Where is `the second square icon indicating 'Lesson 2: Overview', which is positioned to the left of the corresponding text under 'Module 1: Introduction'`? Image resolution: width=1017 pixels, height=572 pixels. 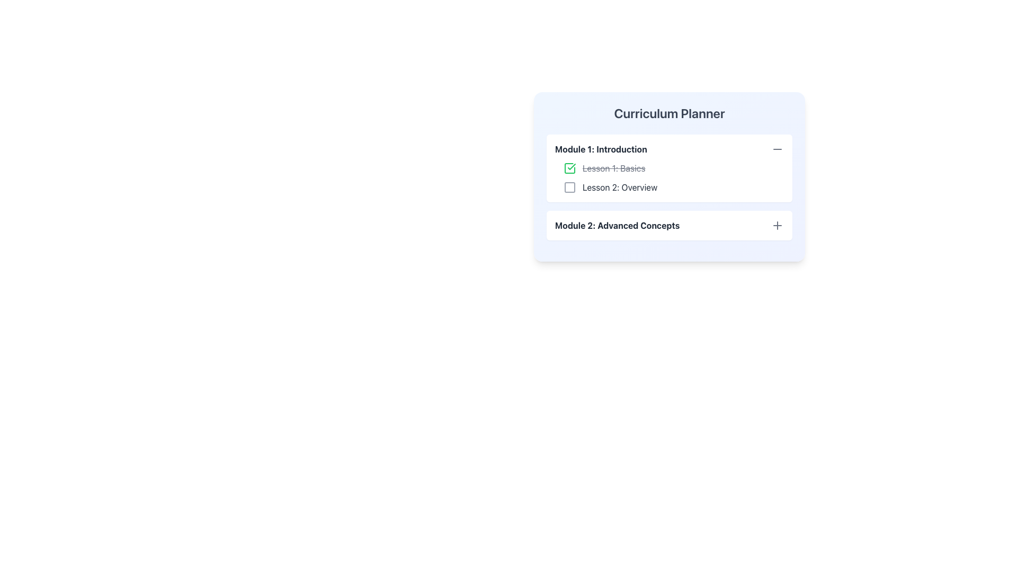 the second square icon indicating 'Lesson 2: Overview', which is positioned to the left of the corresponding text under 'Module 1: Introduction' is located at coordinates (569, 187).